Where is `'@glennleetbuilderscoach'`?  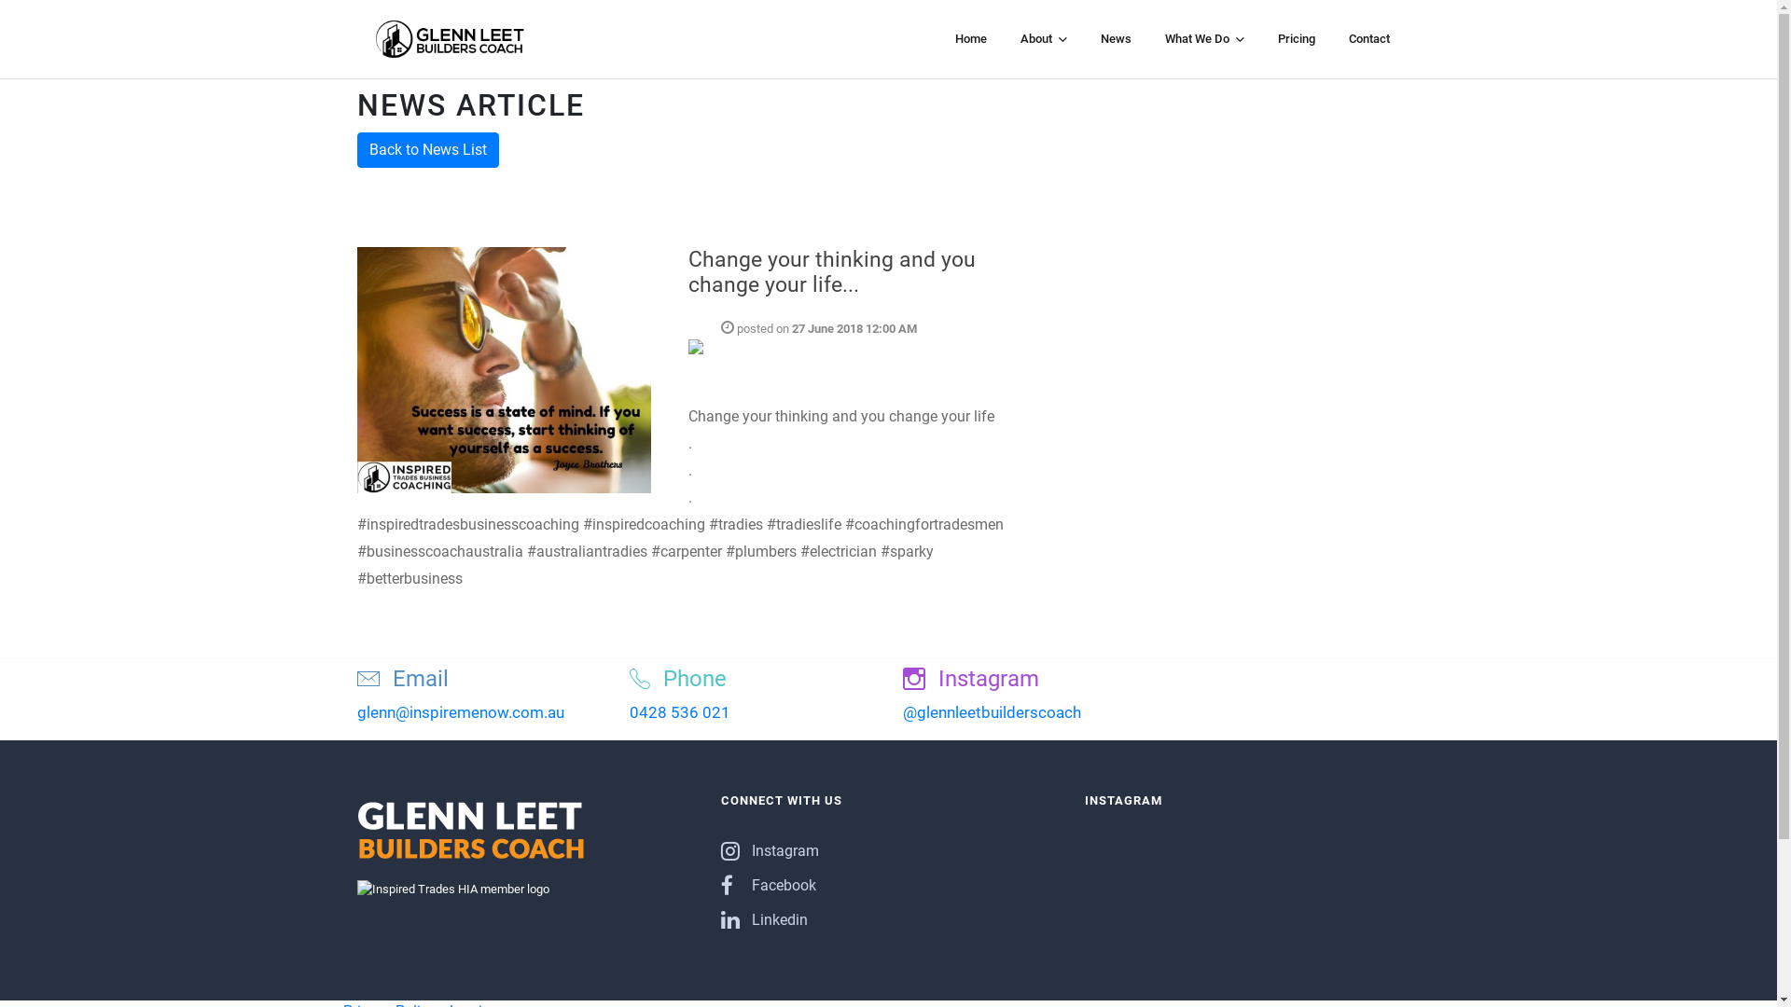 '@glennleetbuilderscoach' is located at coordinates (991, 711).